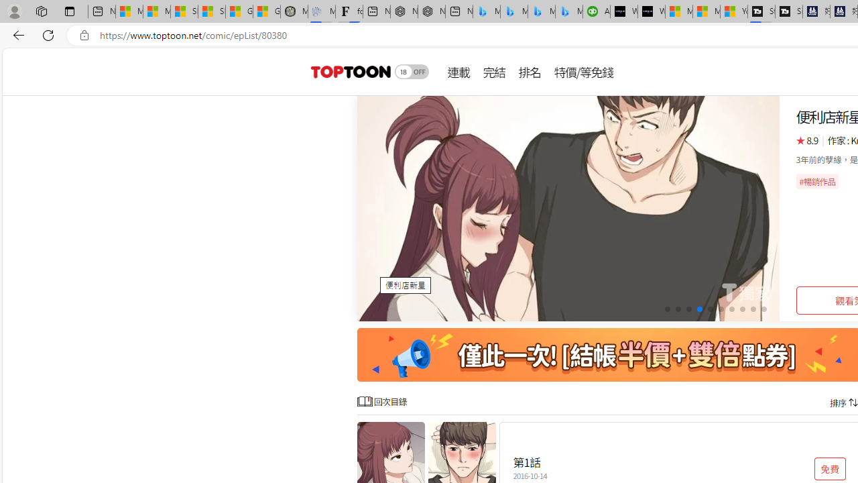 The height and width of the screenshot is (483, 858). I want to click on 'Go to slide 9', so click(753, 309).